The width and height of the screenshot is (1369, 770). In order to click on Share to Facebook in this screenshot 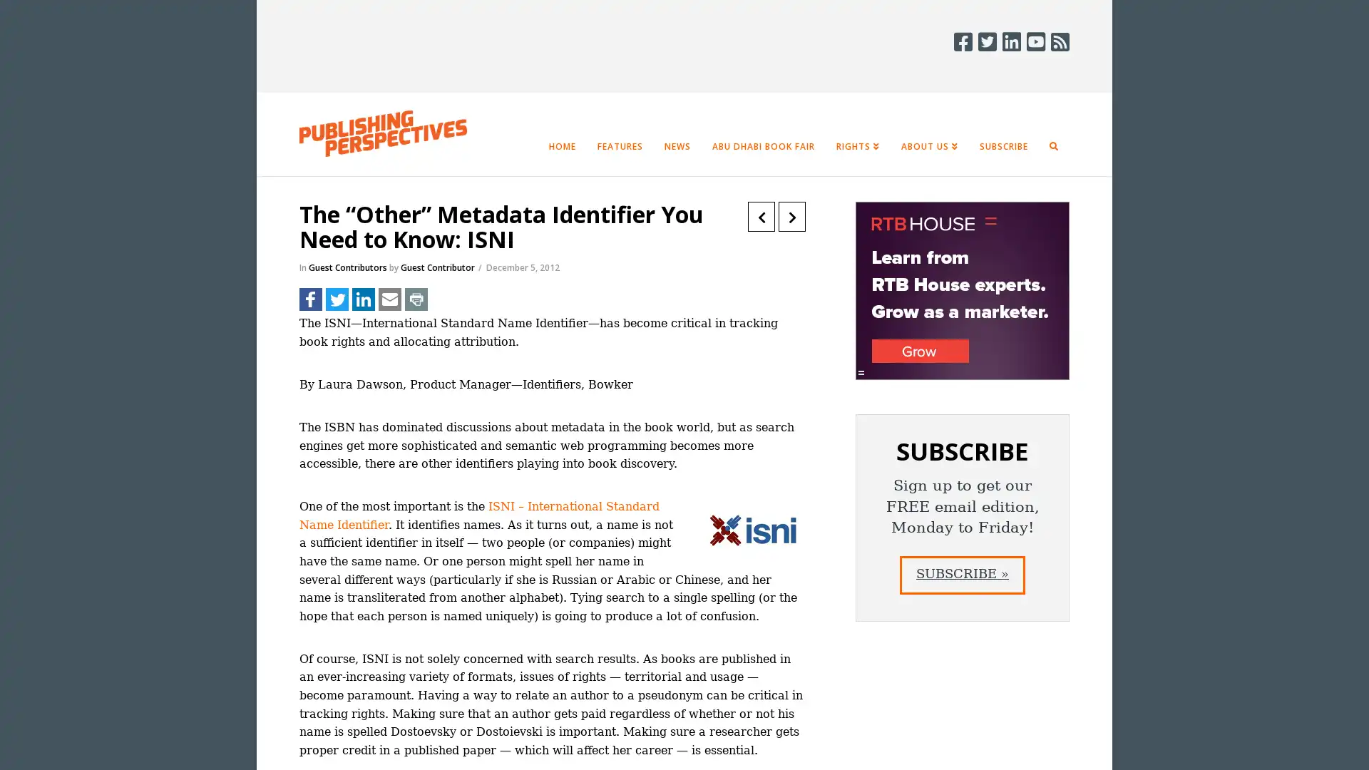, I will do `click(310, 299)`.